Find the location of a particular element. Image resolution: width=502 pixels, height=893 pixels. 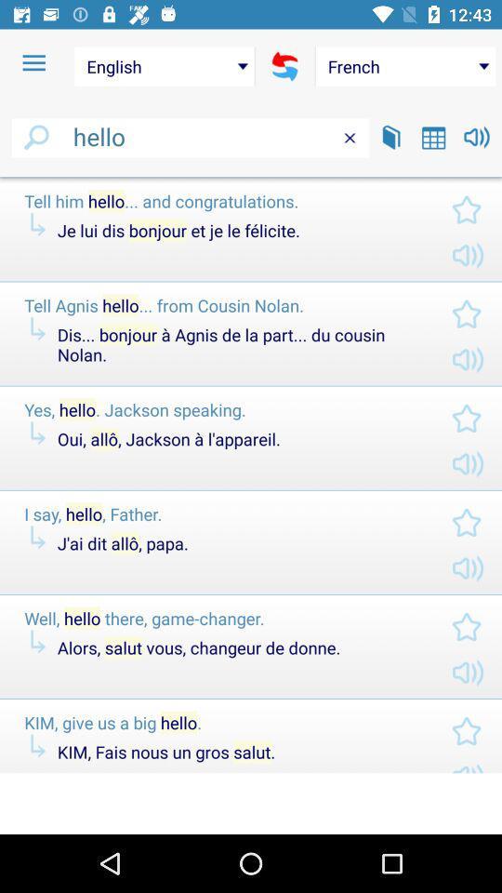

the icon below french item is located at coordinates (433, 137).